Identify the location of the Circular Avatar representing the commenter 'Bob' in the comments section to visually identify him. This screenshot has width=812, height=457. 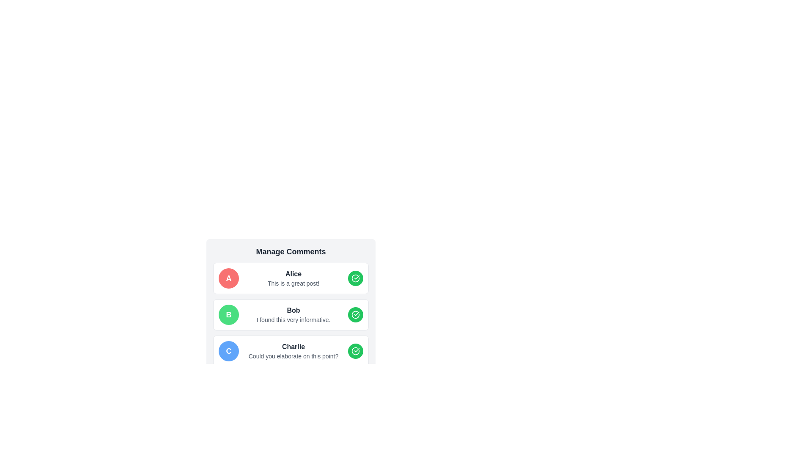
(229, 315).